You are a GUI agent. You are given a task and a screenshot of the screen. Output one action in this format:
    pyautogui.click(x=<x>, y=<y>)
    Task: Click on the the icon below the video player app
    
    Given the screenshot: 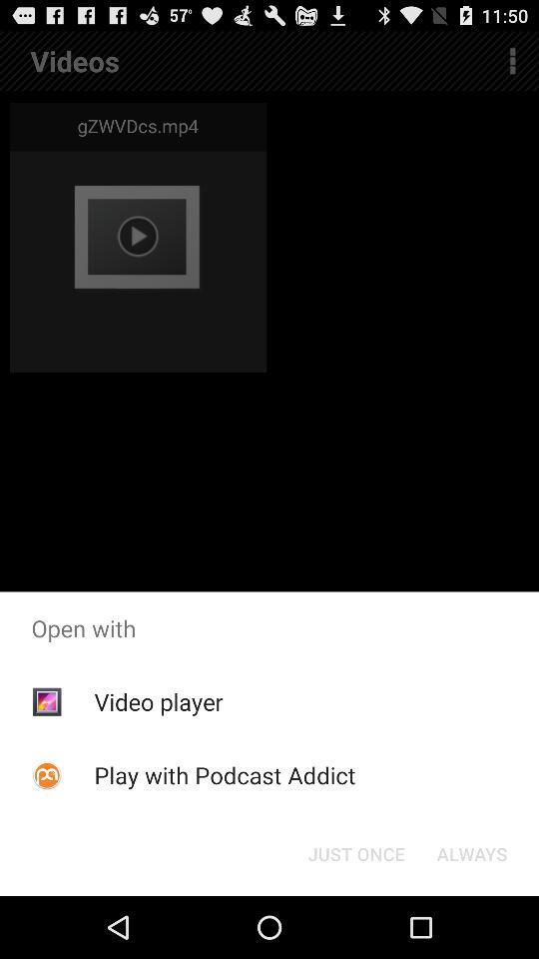 What is the action you would take?
    pyautogui.click(x=224, y=774)
    